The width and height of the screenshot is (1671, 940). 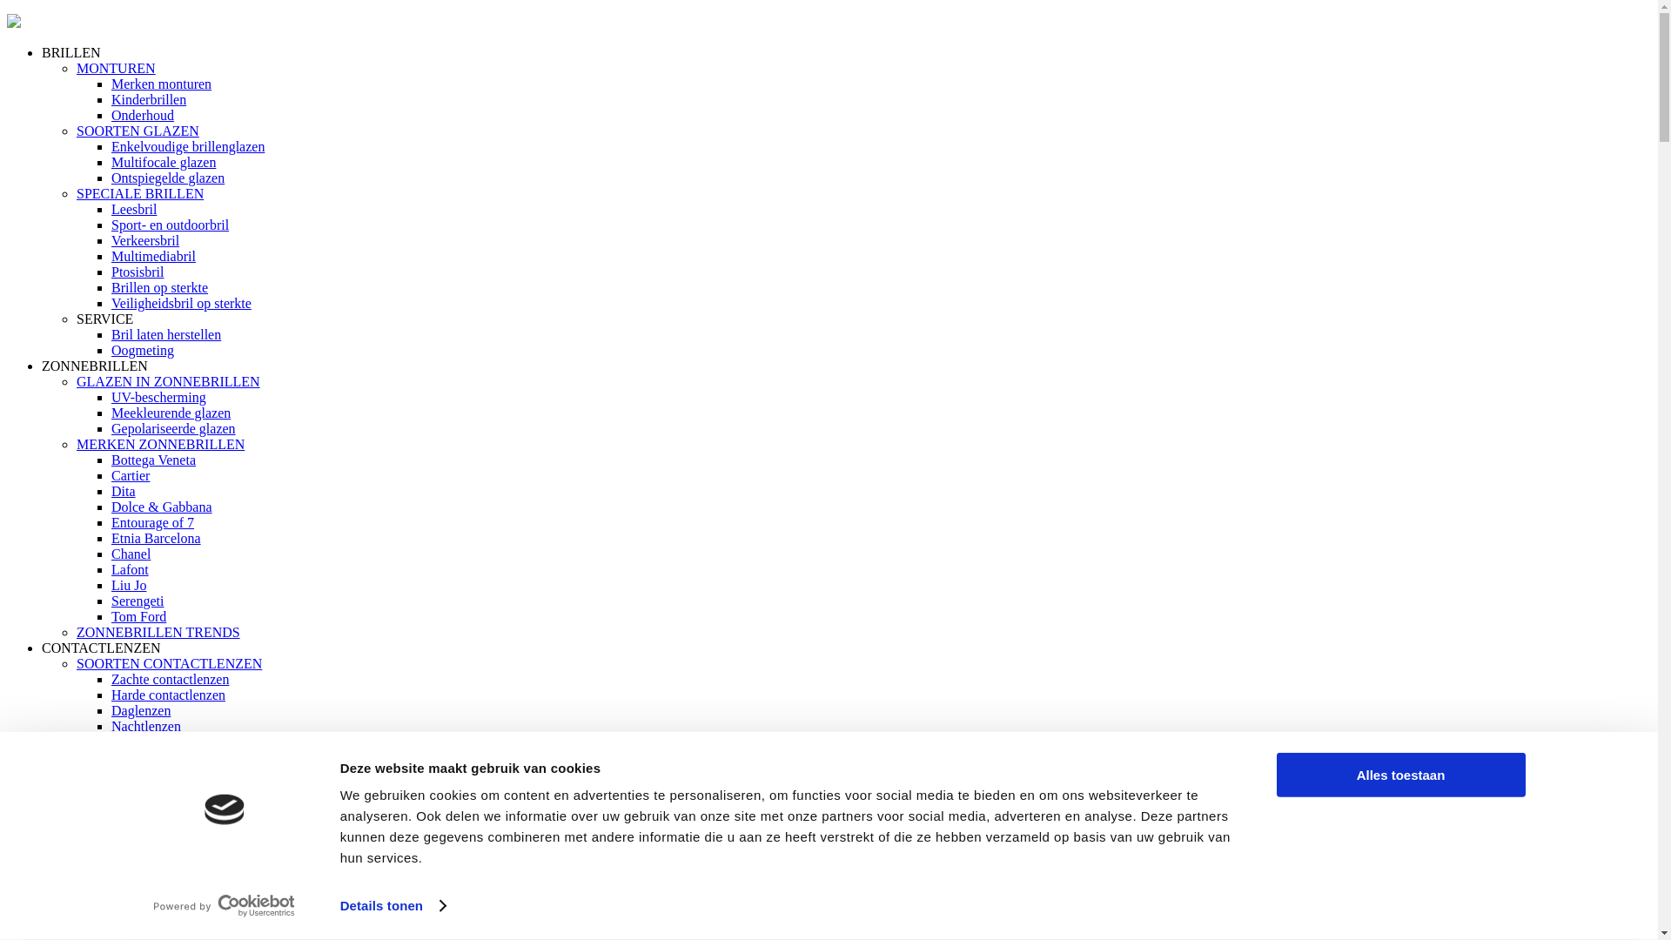 What do you see at coordinates (145, 240) in the screenshot?
I see `'Verkeersbril'` at bounding box center [145, 240].